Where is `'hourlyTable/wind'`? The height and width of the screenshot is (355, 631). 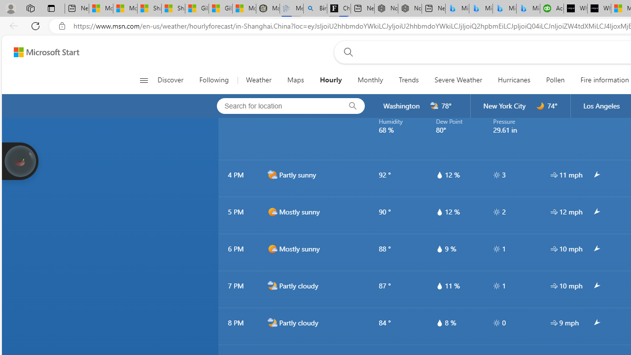
'hourlyTable/wind' is located at coordinates (554, 322).